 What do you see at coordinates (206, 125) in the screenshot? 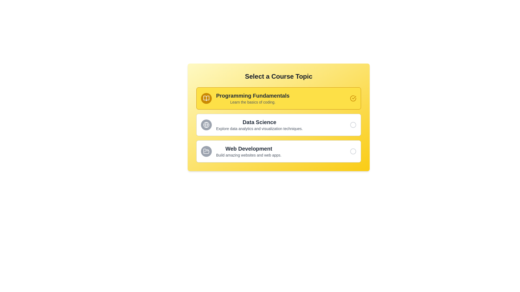
I see `the curved line element forming part of the globe icon located at the center of the second option in the horizontal stack, near the 'Data Science' label` at bounding box center [206, 125].